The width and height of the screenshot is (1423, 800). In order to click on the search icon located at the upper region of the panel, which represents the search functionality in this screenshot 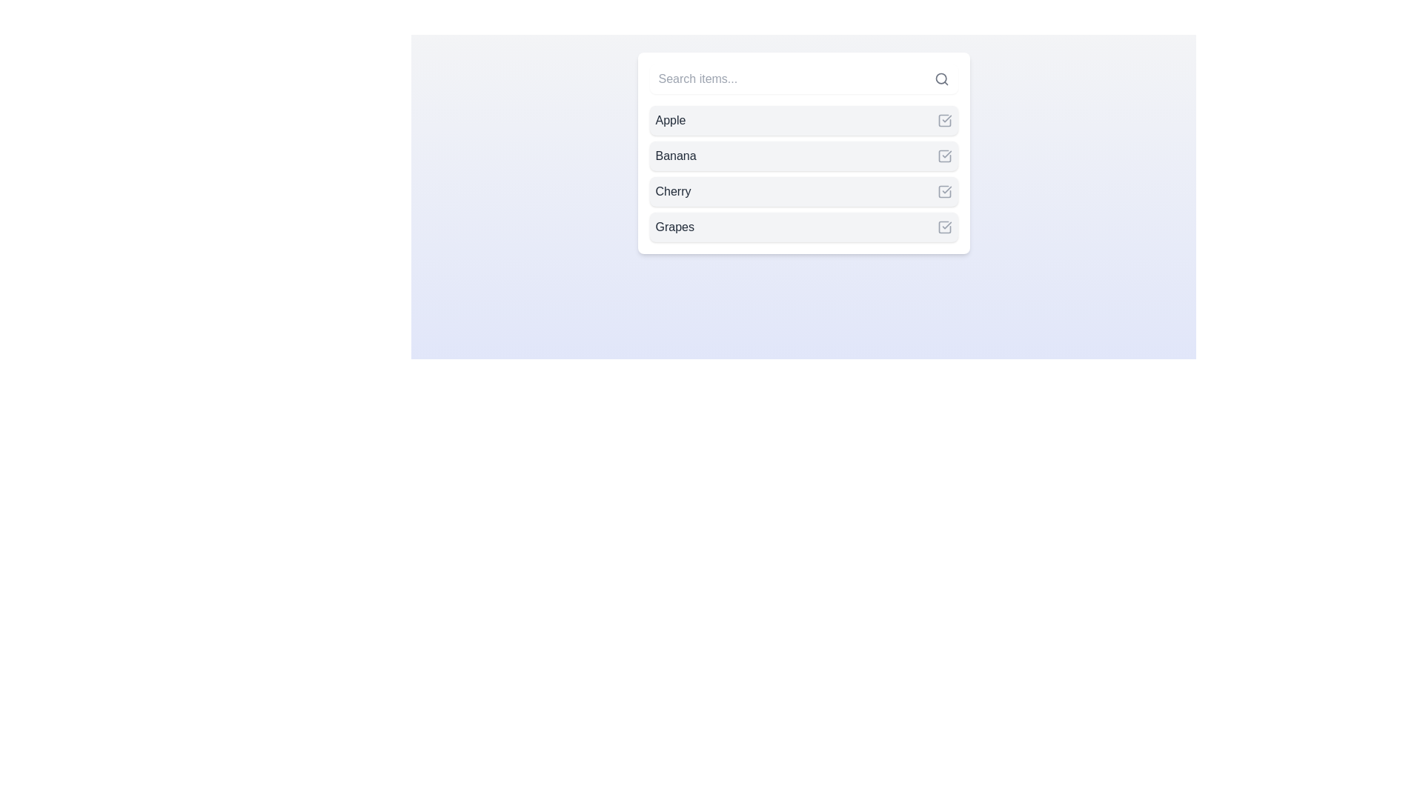, I will do `click(941, 79)`.